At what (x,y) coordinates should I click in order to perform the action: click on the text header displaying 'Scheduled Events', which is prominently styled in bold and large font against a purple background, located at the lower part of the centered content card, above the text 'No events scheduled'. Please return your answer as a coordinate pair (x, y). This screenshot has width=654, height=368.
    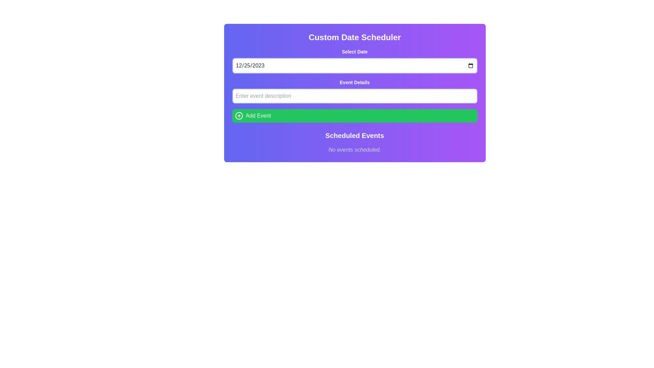
    Looking at the image, I should click on (354, 135).